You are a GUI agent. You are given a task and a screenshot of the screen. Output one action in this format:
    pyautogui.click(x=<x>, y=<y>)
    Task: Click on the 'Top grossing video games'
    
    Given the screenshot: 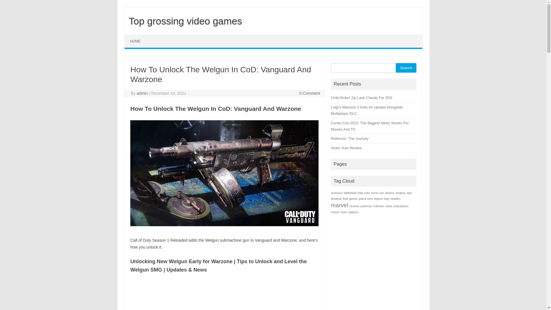 What is the action you would take?
    pyautogui.click(x=183, y=21)
    